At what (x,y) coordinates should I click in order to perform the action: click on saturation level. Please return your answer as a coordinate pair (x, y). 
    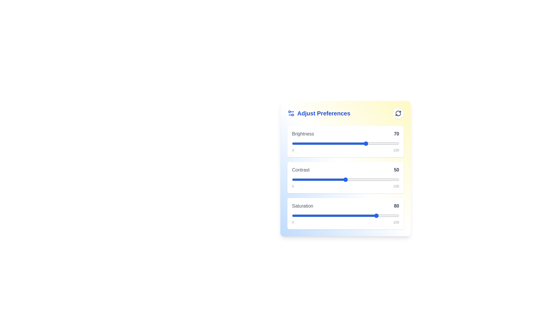
    Looking at the image, I should click on (323, 215).